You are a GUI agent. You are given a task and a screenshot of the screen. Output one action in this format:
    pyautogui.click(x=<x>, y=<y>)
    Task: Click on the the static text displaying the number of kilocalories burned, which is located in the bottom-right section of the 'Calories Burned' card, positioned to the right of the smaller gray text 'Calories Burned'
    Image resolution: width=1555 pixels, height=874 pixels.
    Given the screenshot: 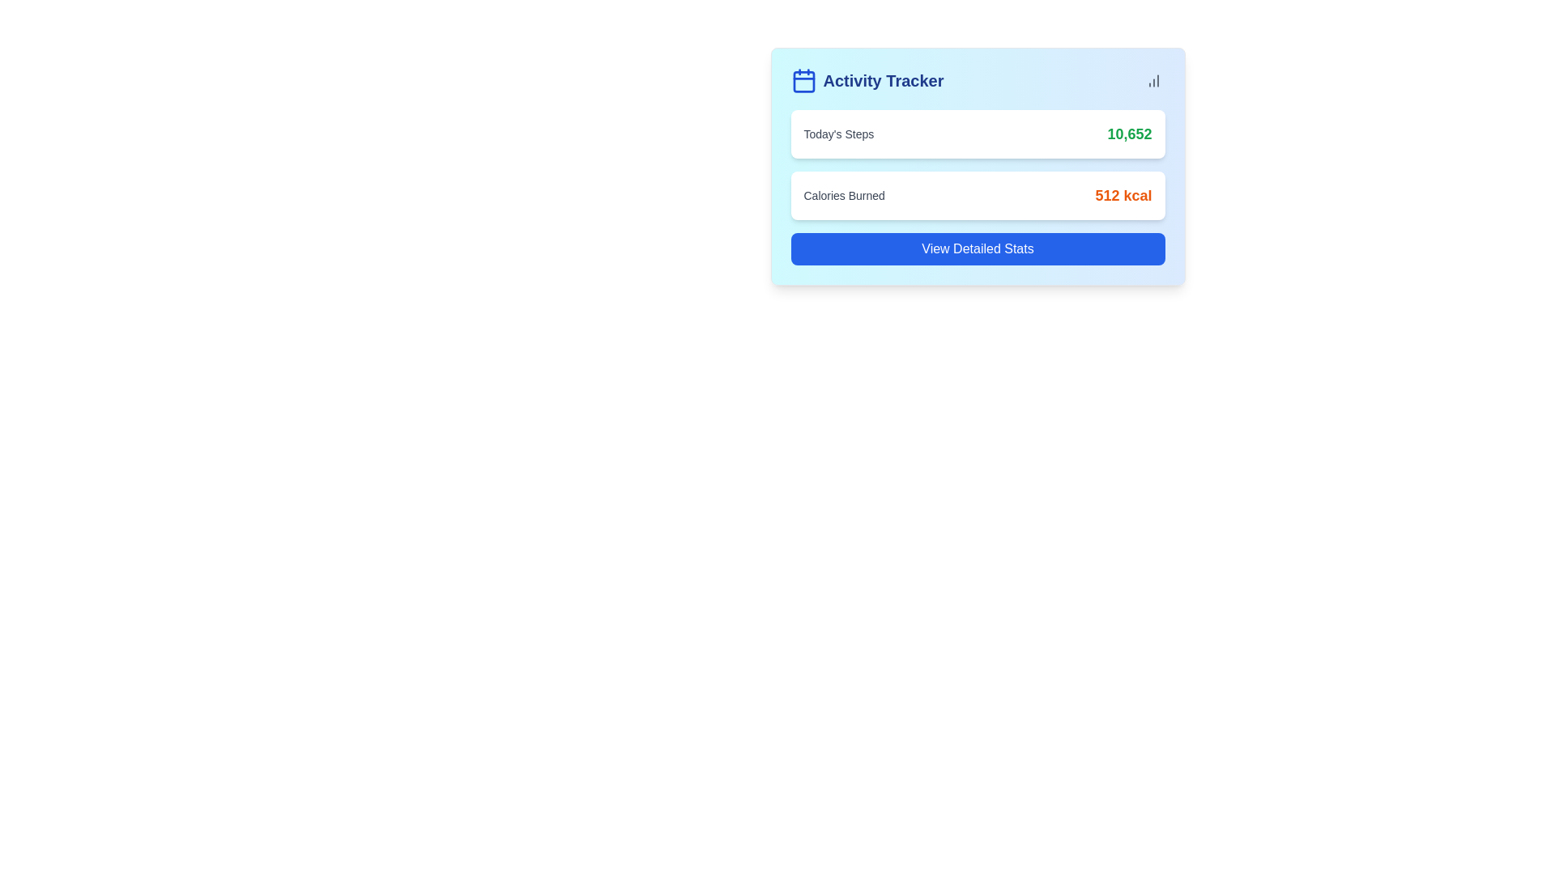 What is the action you would take?
    pyautogui.click(x=1123, y=195)
    